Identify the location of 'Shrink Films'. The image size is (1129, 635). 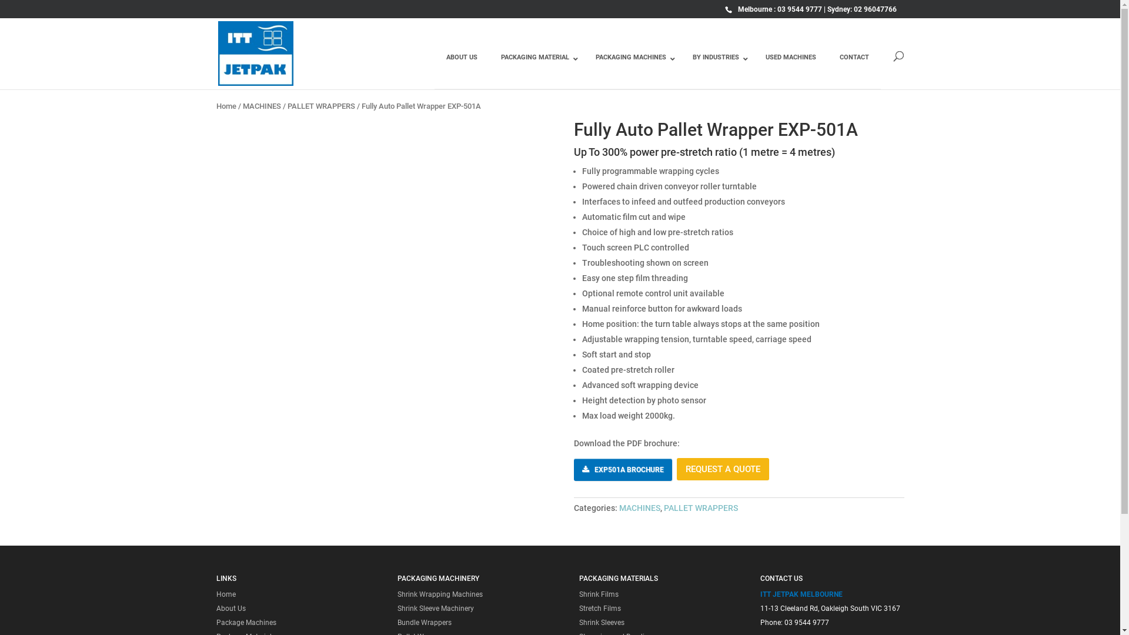
(599, 594).